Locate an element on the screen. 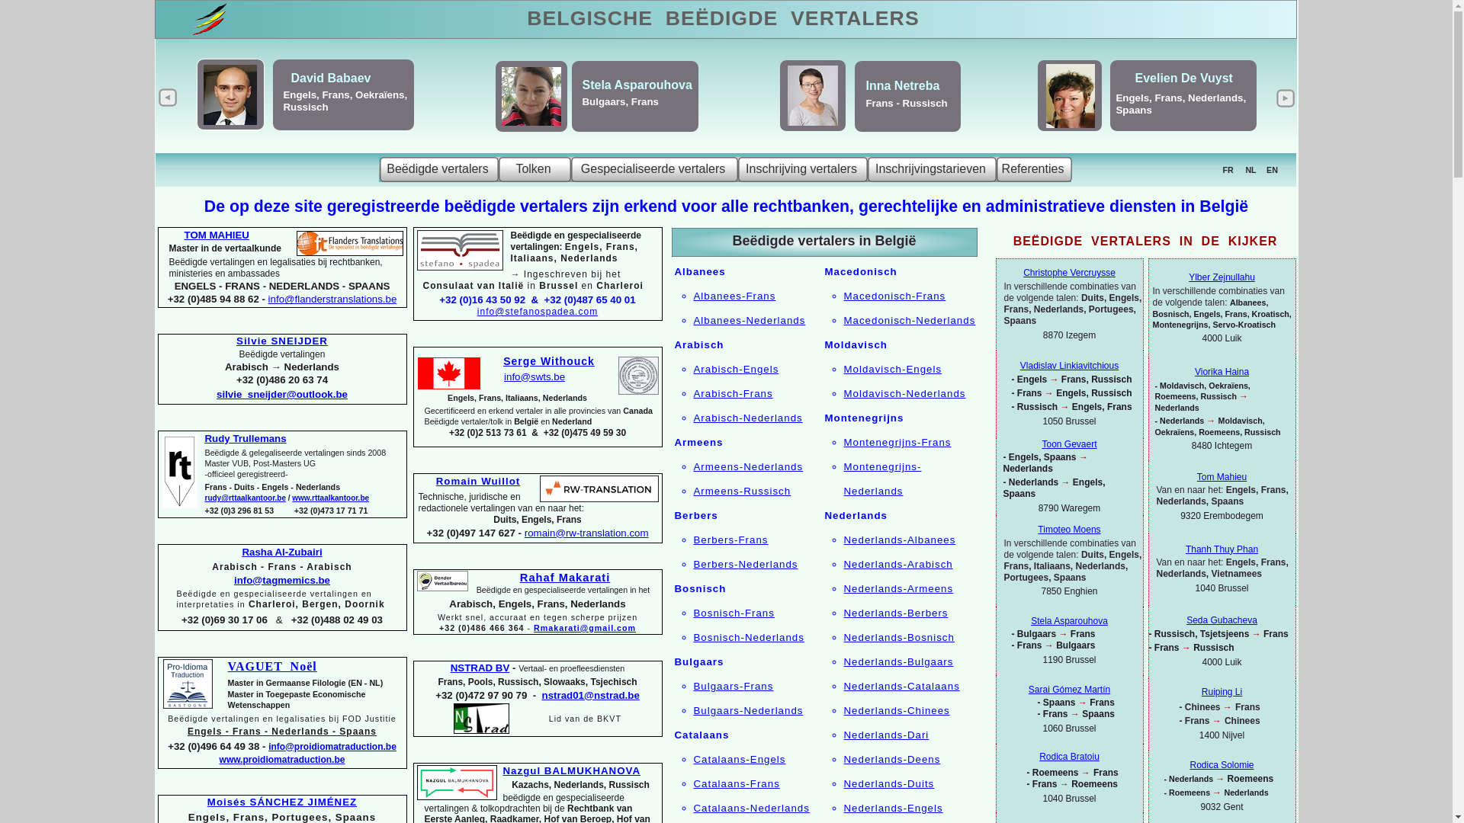 The image size is (1464, 823). 'Tolken' is located at coordinates (535, 169).